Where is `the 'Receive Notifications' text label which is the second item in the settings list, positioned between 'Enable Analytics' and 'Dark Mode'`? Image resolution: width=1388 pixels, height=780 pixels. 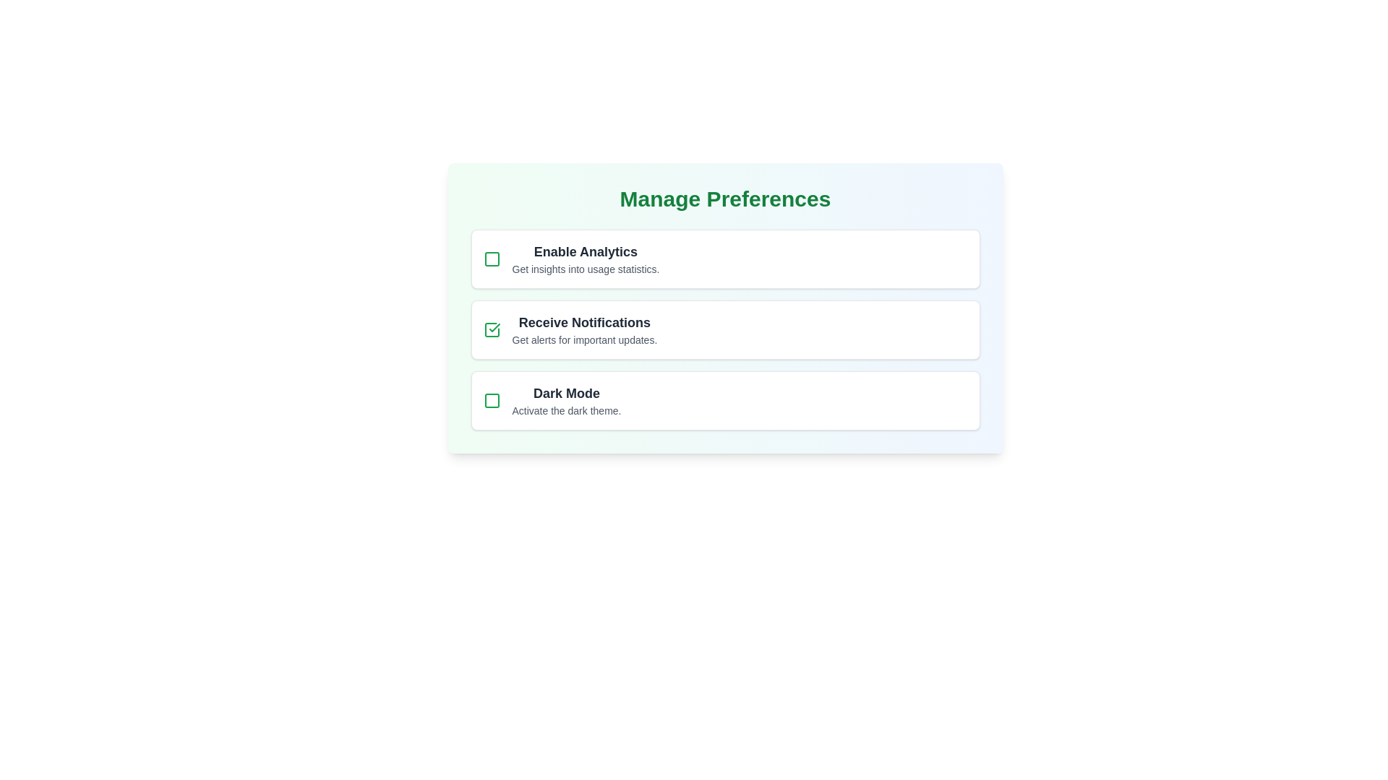
the 'Receive Notifications' text label which is the second item in the settings list, positioned between 'Enable Analytics' and 'Dark Mode' is located at coordinates (584, 329).